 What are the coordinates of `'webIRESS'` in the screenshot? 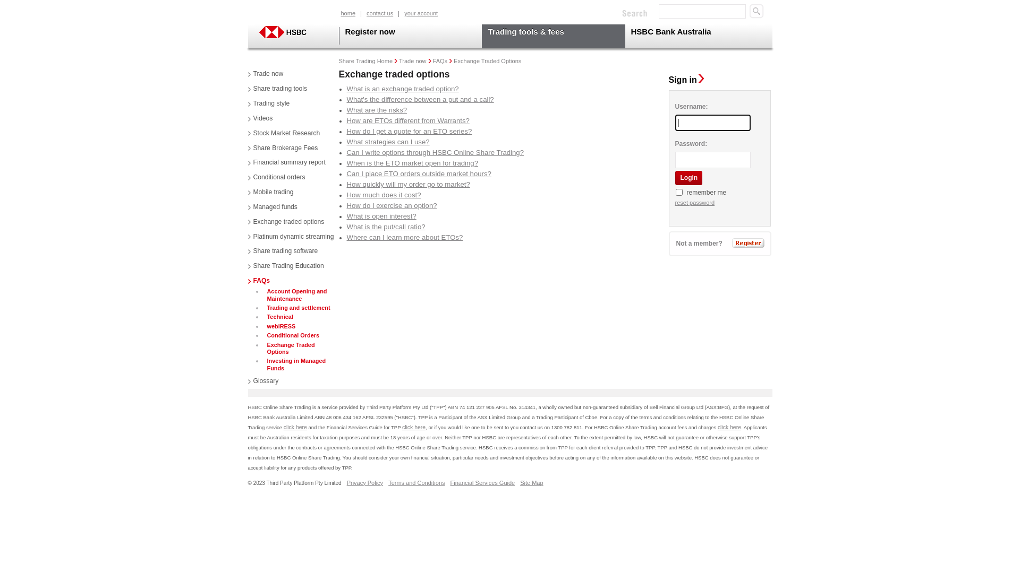 It's located at (280, 326).